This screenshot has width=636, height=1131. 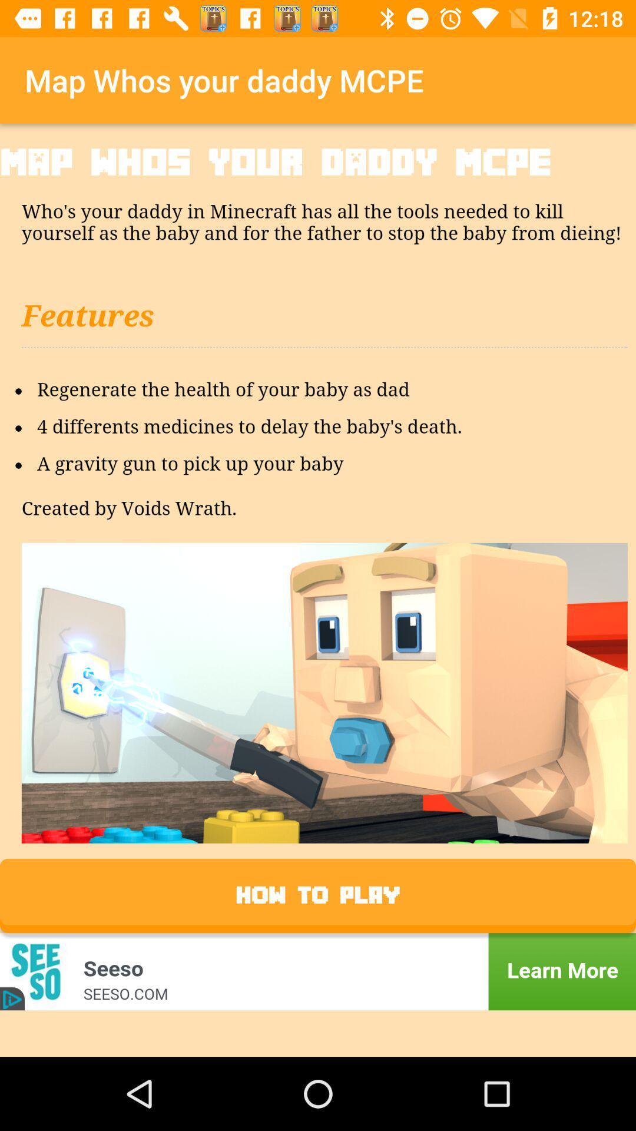 I want to click on open advertisement, so click(x=318, y=971).